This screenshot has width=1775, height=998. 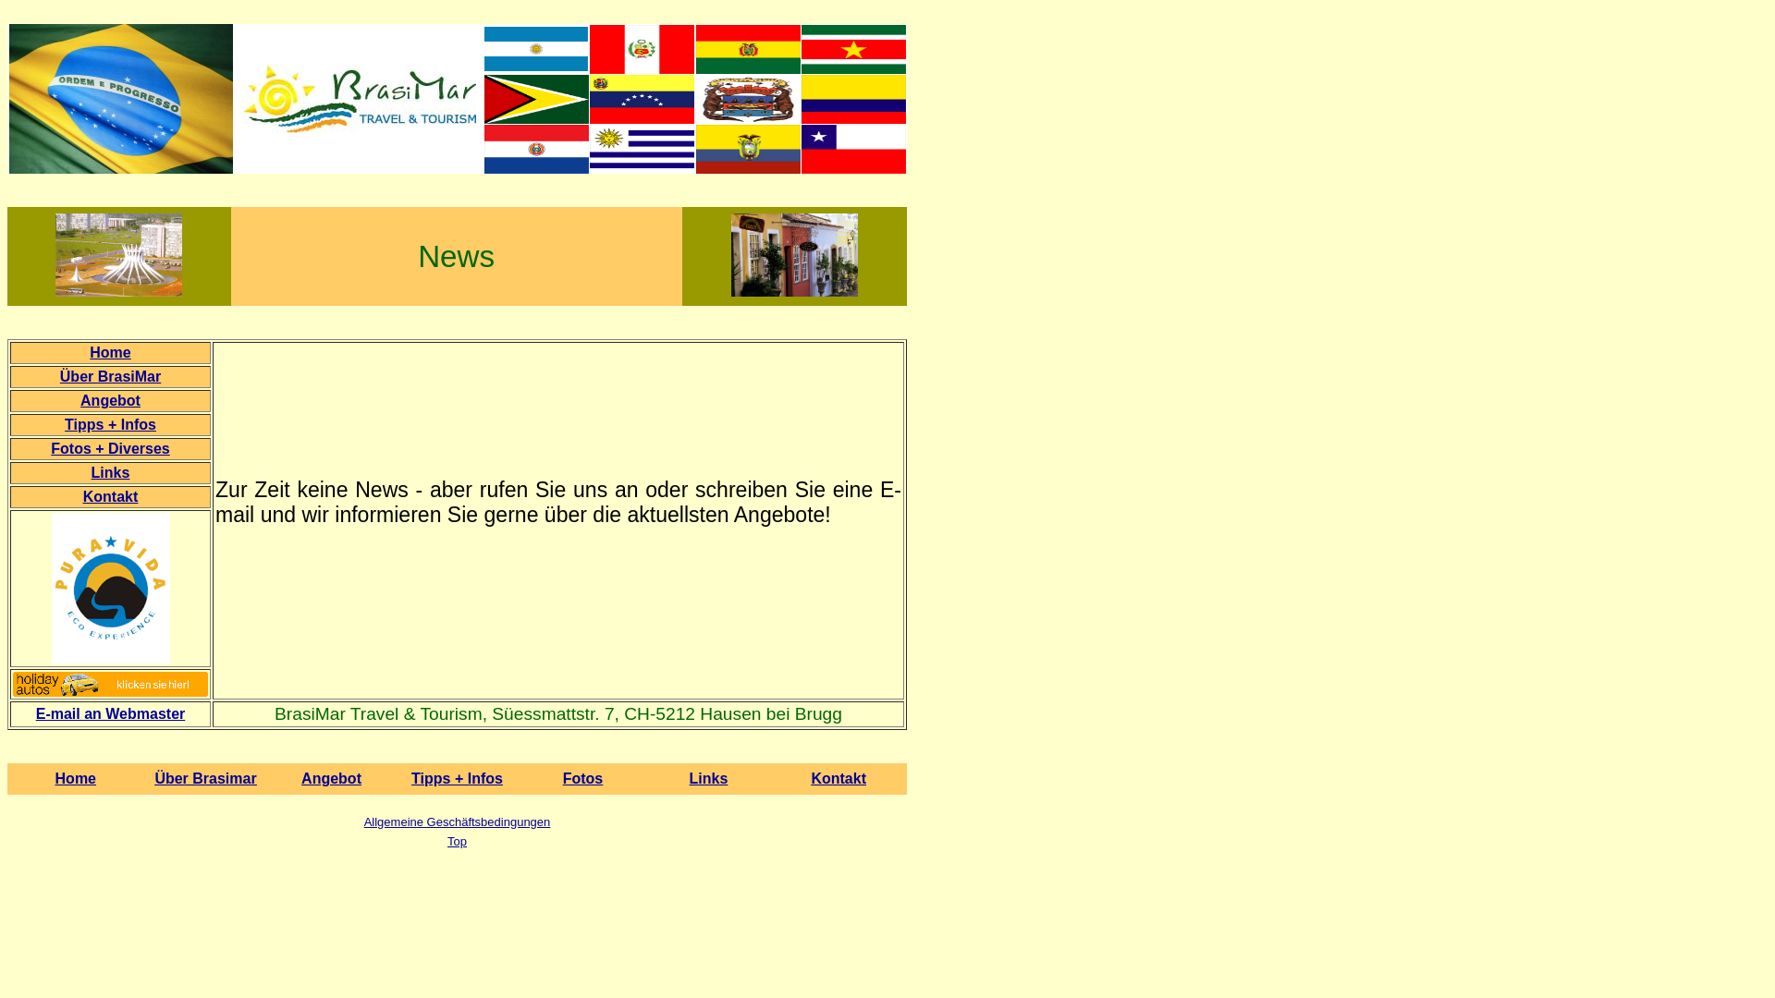 What do you see at coordinates (457, 778) in the screenshot?
I see `'Tipps + Infos'` at bounding box center [457, 778].